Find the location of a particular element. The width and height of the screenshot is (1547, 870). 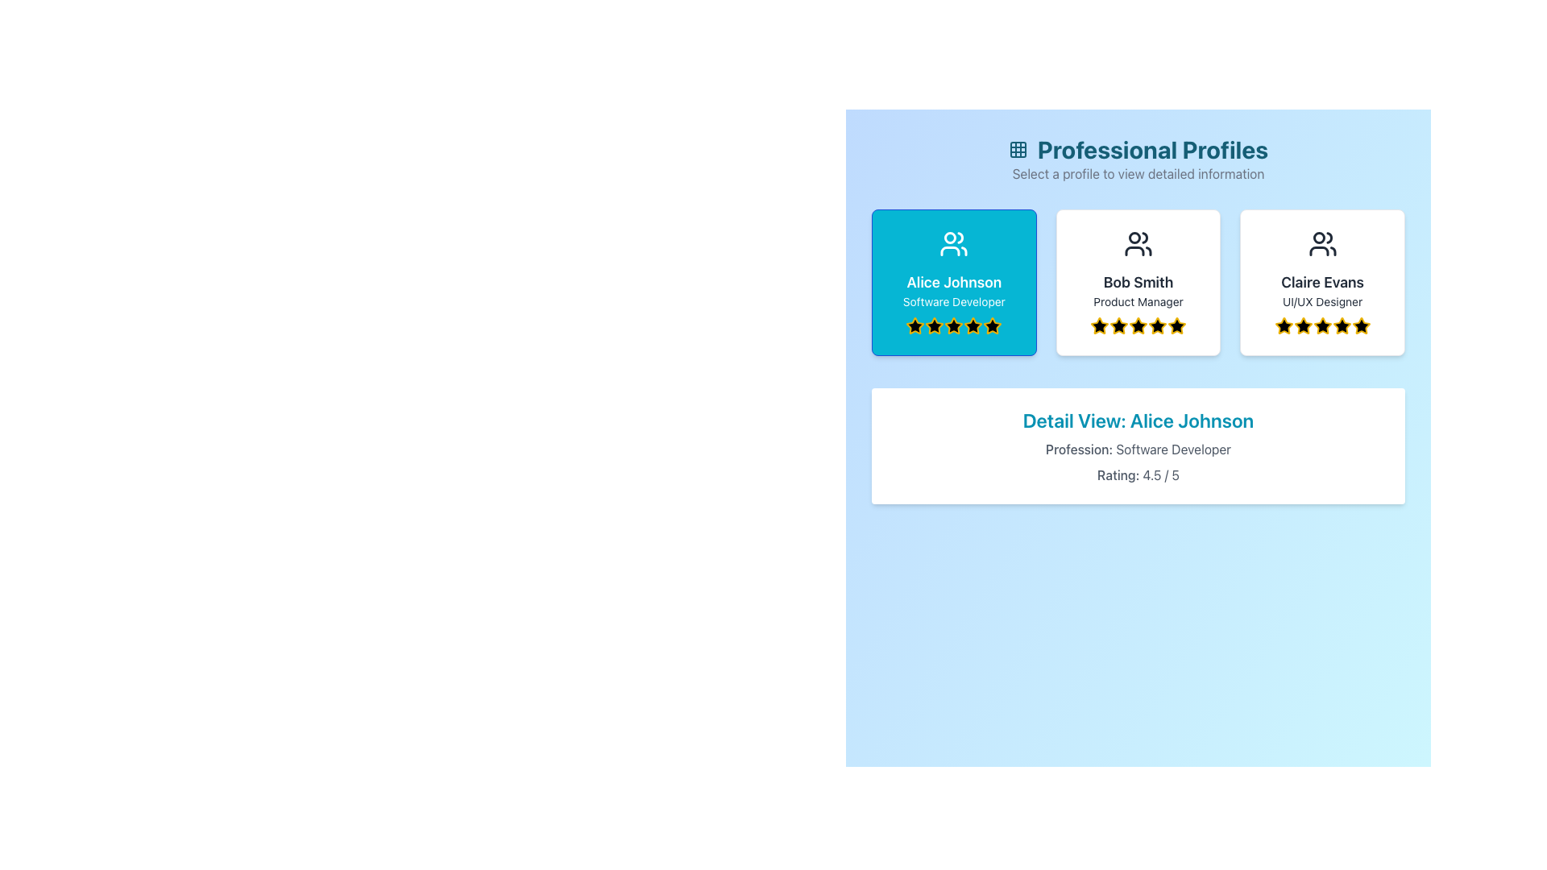

the graphical representation icon indicating the user's role as a product manager, located above the text 'Bob Smith' and 'Product Manager' in the middle card of three horizontally aligned profile cards is located at coordinates (1137, 244).